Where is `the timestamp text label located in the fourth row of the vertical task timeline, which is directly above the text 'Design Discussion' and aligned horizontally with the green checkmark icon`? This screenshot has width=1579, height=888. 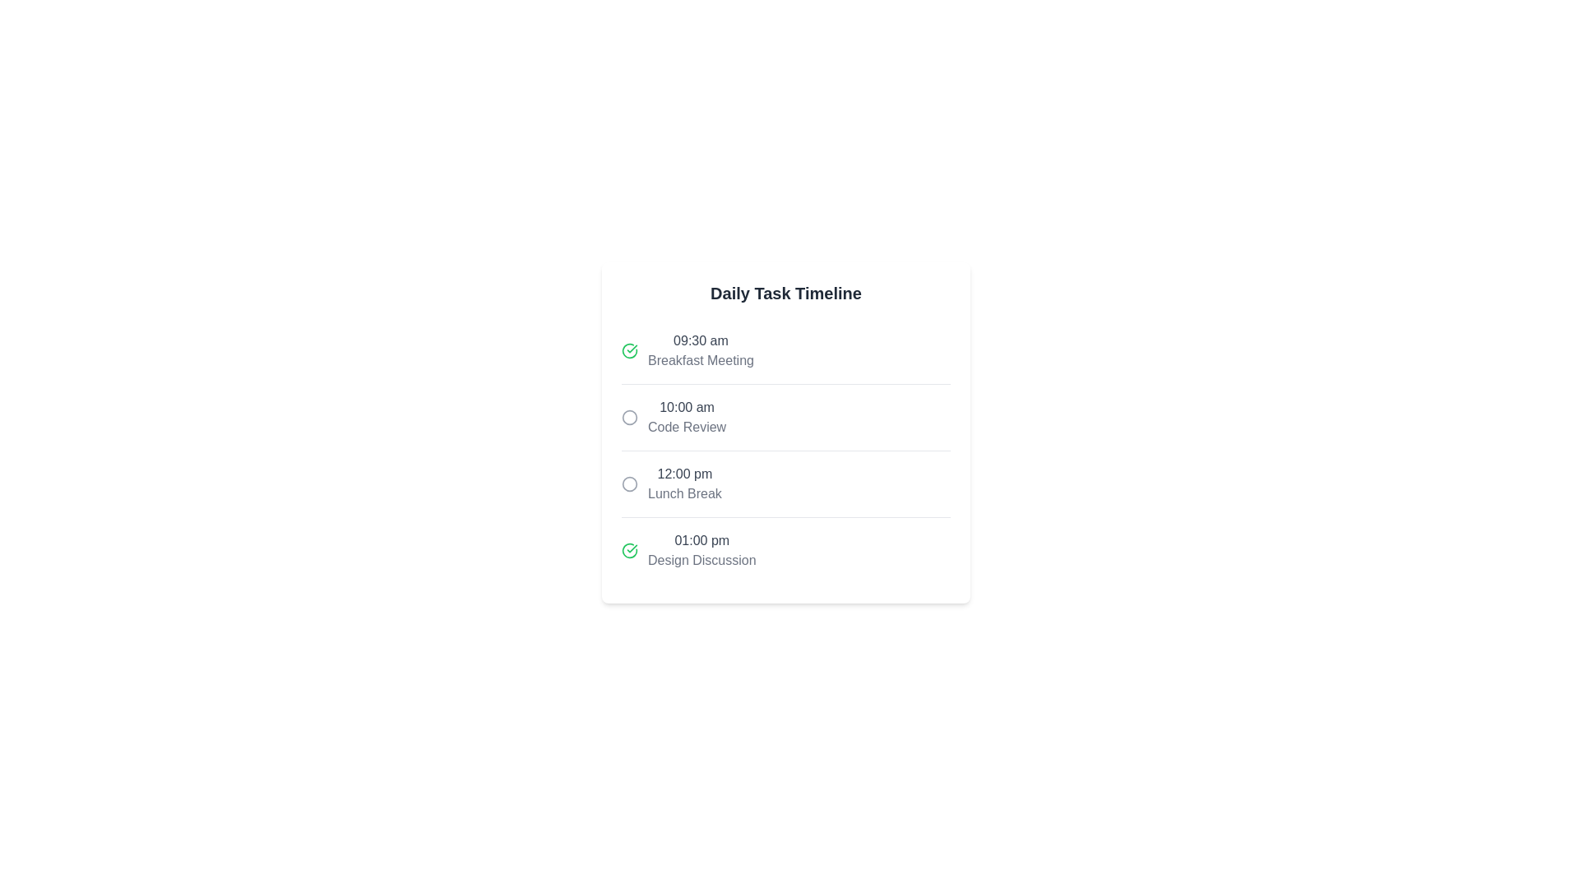
the timestamp text label located in the fourth row of the vertical task timeline, which is directly above the text 'Design Discussion' and aligned horizontally with the green checkmark icon is located at coordinates (702, 540).